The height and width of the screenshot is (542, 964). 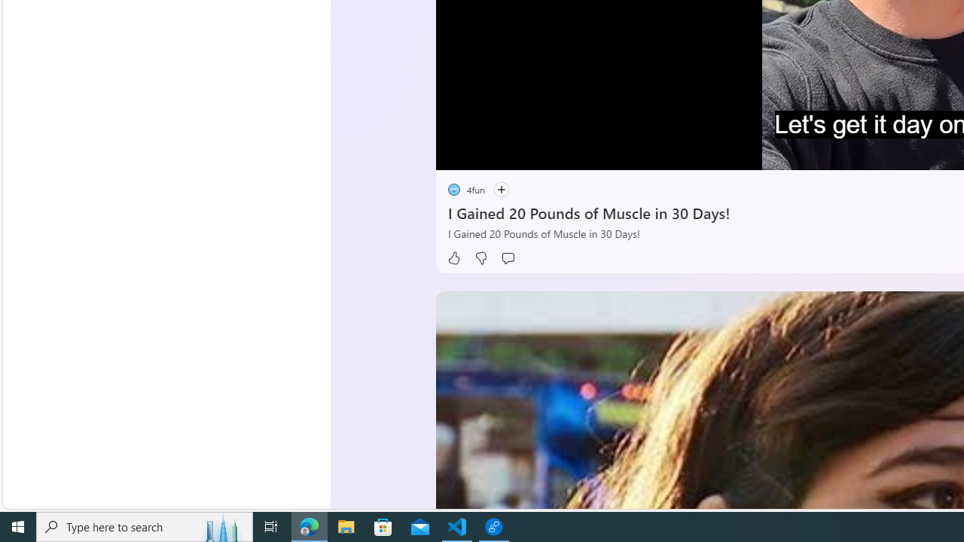 What do you see at coordinates (507, 257) in the screenshot?
I see `'Start the conversation'` at bounding box center [507, 257].